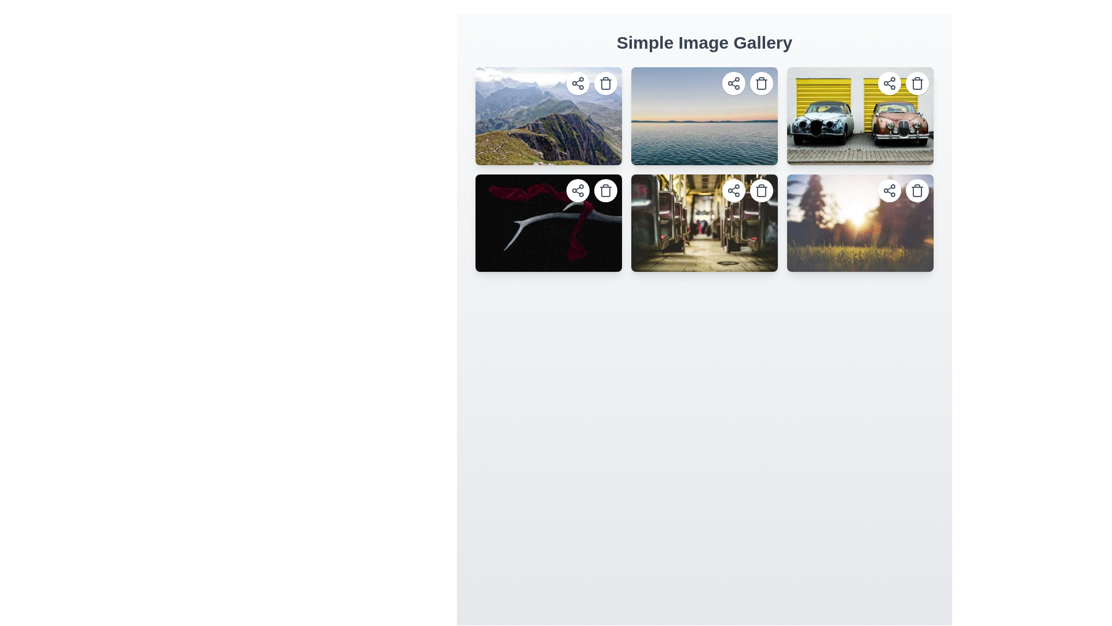  What do you see at coordinates (733, 189) in the screenshot?
I see `the share button located` at bounding box center [733, 189].